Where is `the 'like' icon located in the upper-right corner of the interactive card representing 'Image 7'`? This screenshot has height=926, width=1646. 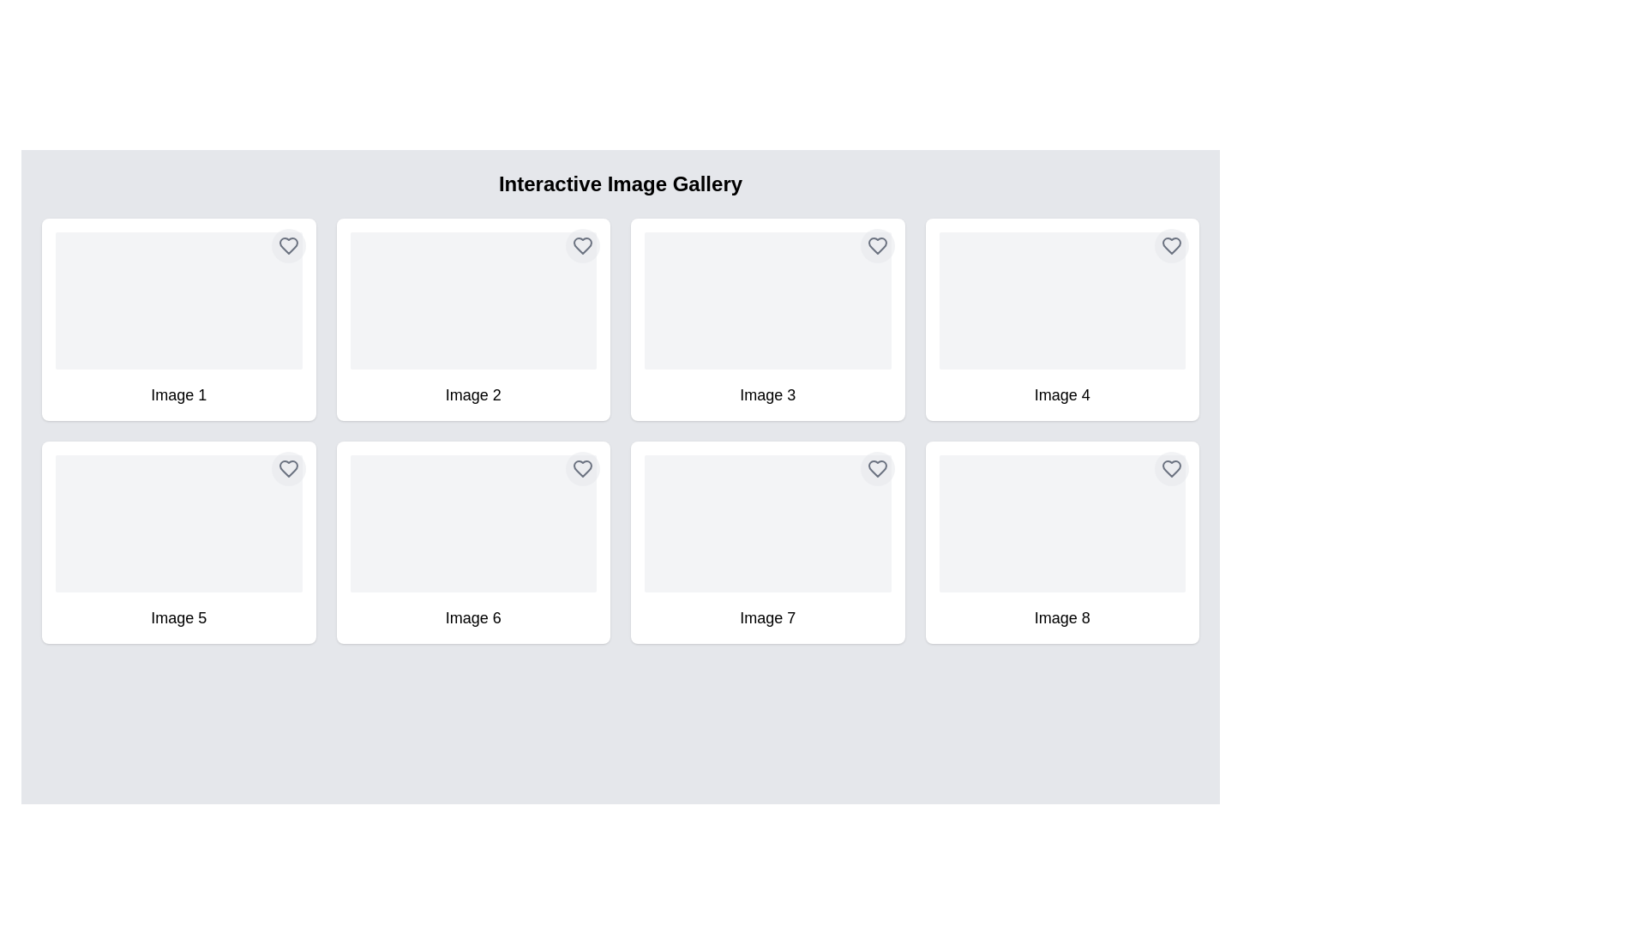
the 'like' icon located in the upper-right corner of the interactive card representing 'Image 7' is located at coordinates (877, 469).